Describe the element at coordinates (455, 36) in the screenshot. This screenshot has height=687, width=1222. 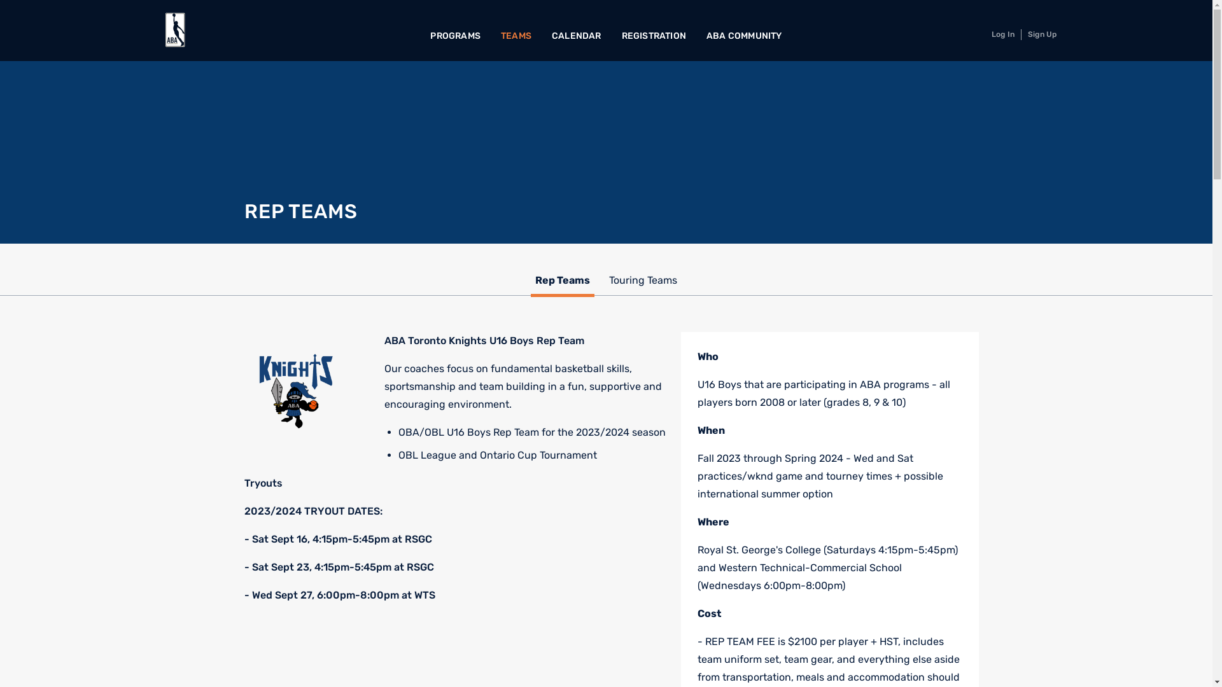
I see `'PROGRAMS'` at that location.